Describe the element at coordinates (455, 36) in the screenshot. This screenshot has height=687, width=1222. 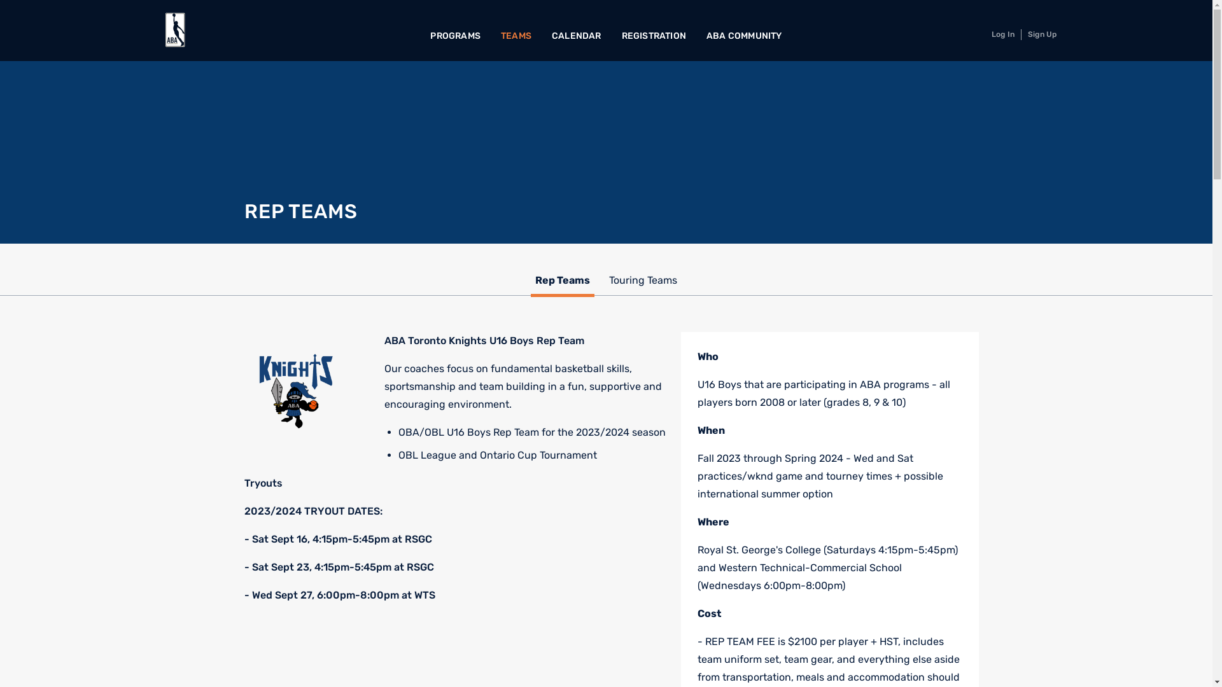
I see `'PROGRAMS'` at that location.